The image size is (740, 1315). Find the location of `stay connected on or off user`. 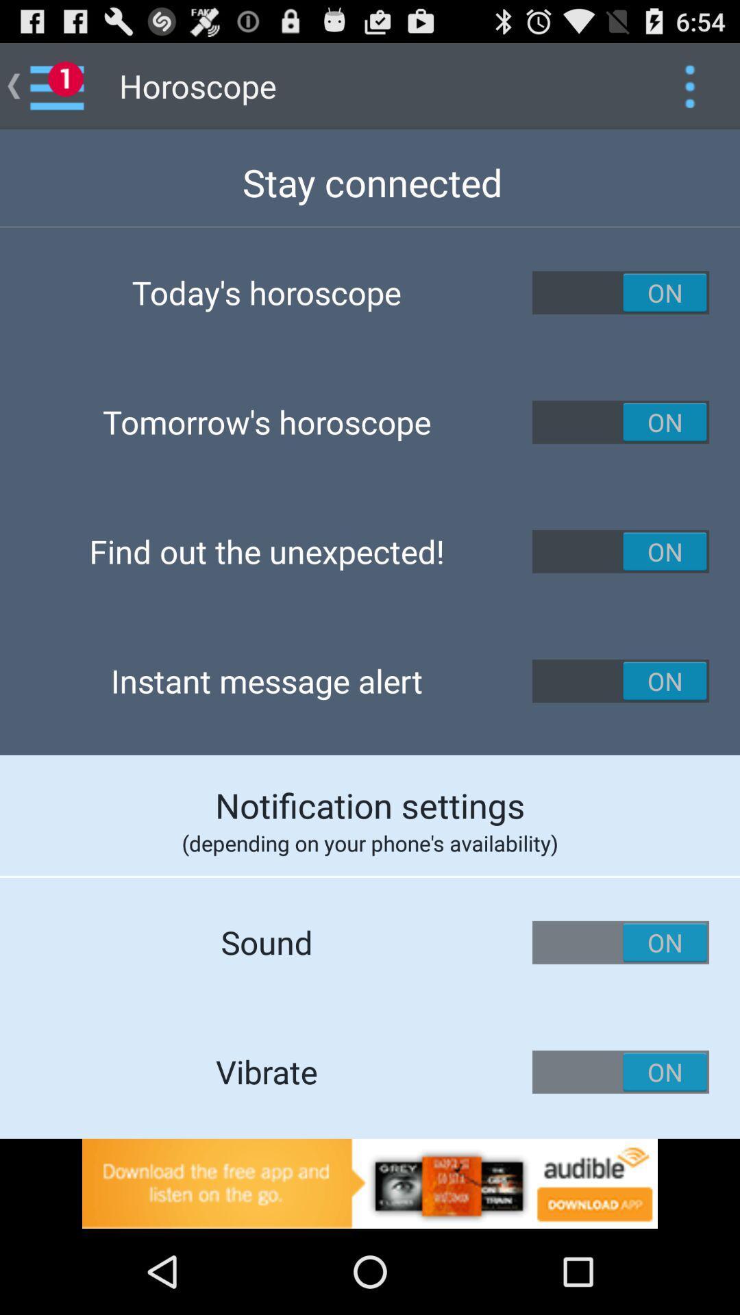

stay connected on or off user is located at coordinates (621, 292).